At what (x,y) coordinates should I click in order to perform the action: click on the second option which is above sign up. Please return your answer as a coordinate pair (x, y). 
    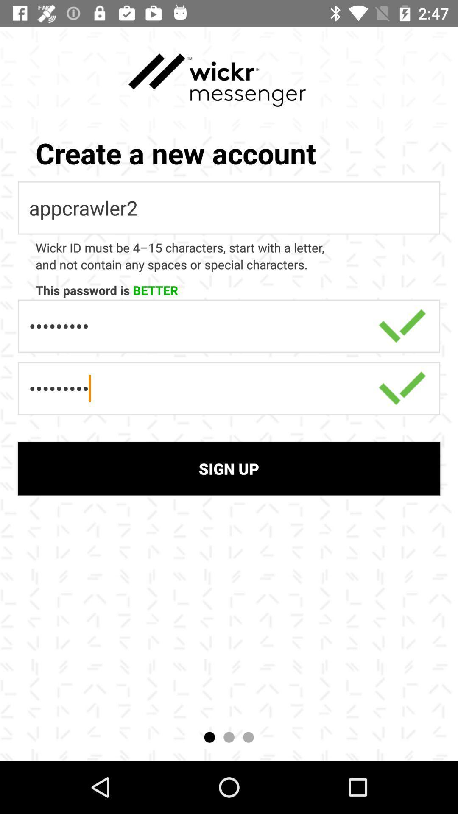
    Looking at the image, I should click on (229, 388).